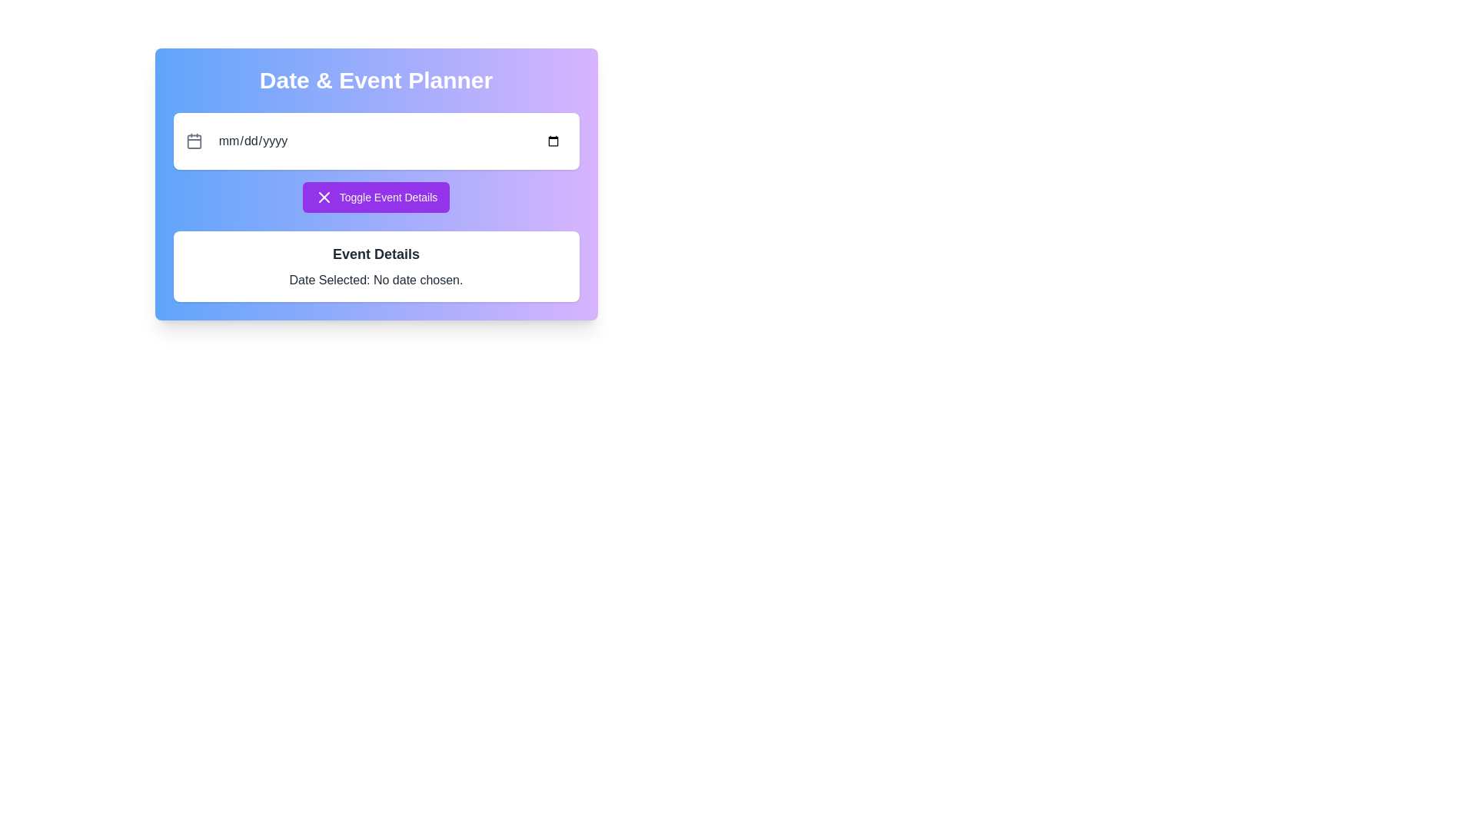 This screenshot has width=1476, height=830. What do you see at coordinates (376, 80) in the screenshot?
I see `the prominent heading 'Date & Event Planner' displayed in a large, bold white font at the top of the gradient background` at bounding box center [376, 80].